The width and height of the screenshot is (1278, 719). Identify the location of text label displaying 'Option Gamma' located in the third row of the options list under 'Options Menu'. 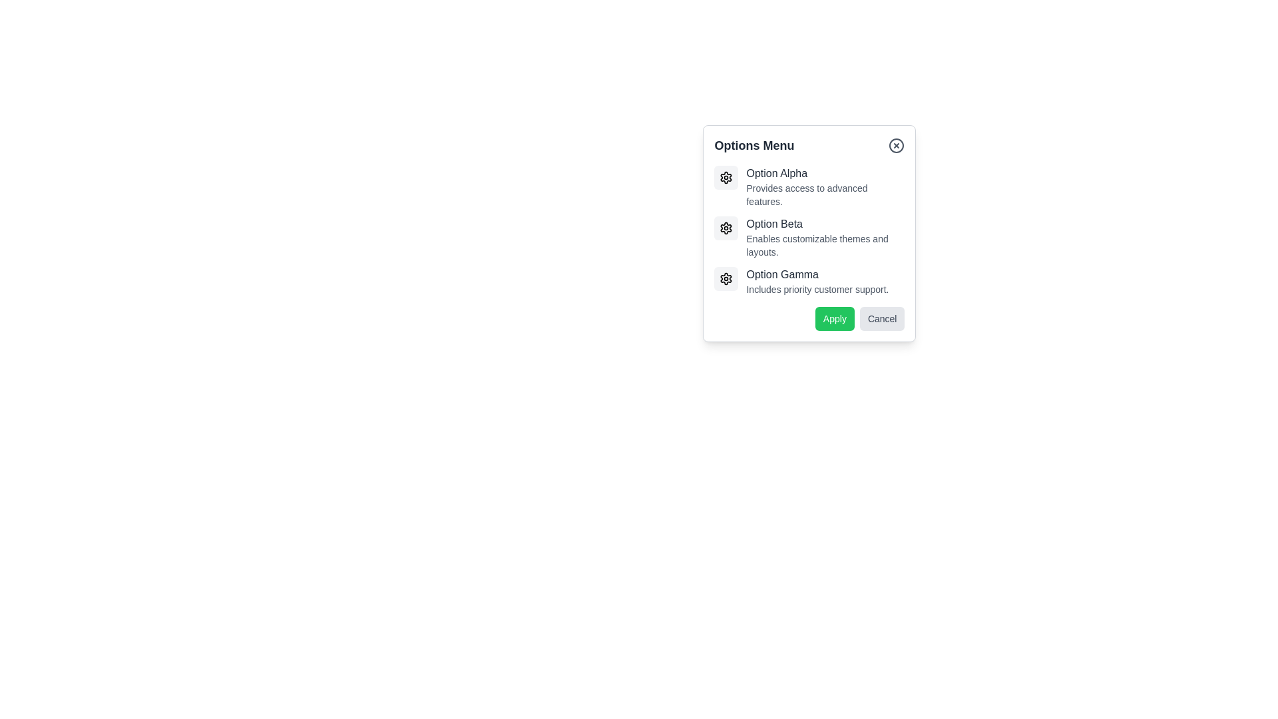
(817, 274).